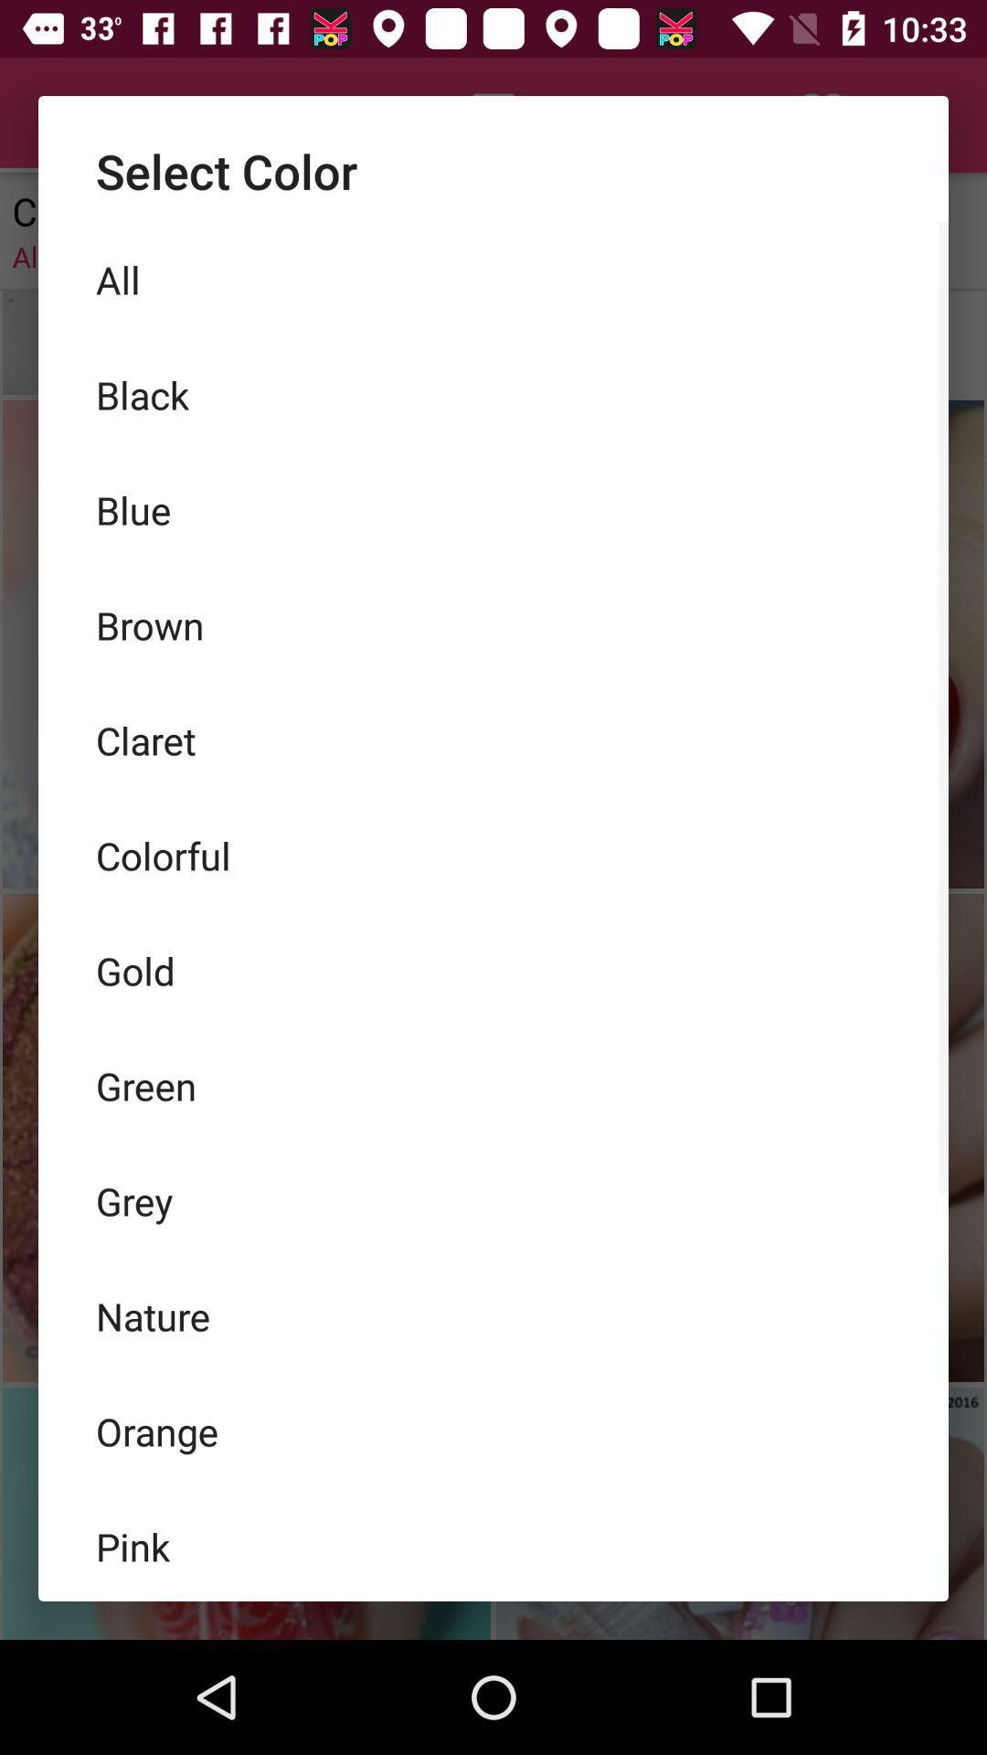  What do you see at coordinates (493, 855) in the screenshot?
I see `the colorful item` at bounding box center [493, 855].